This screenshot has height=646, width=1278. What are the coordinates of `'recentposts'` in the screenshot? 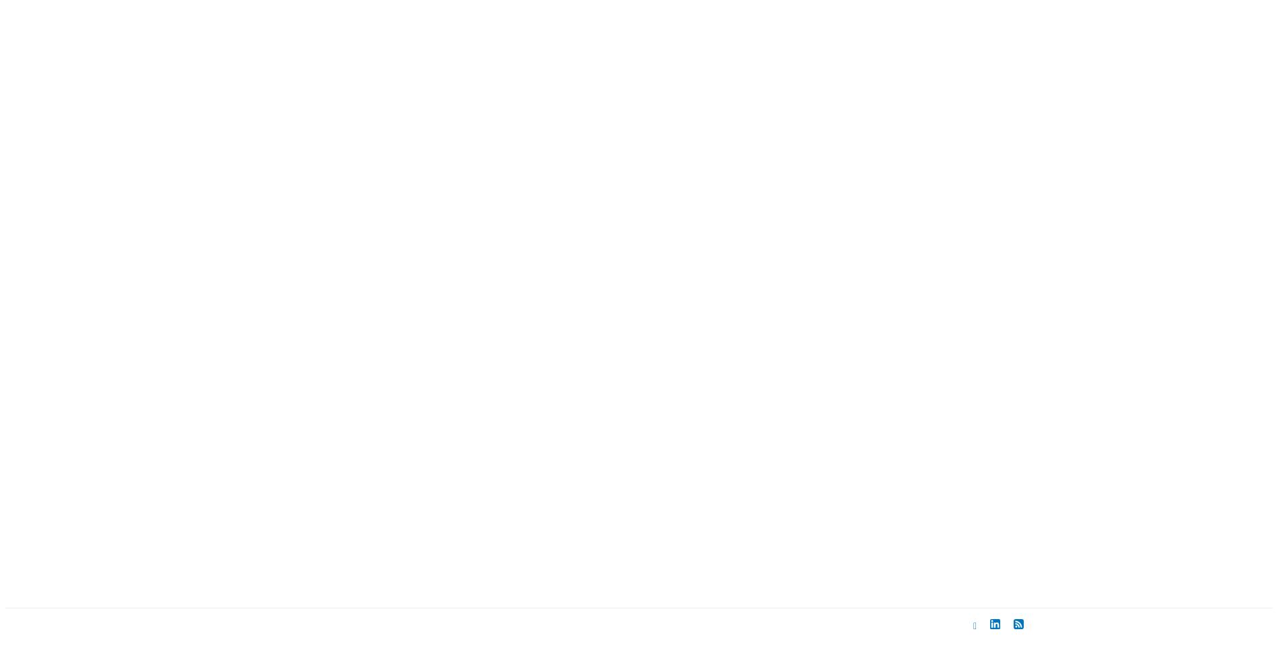 It's located at (281, 531).